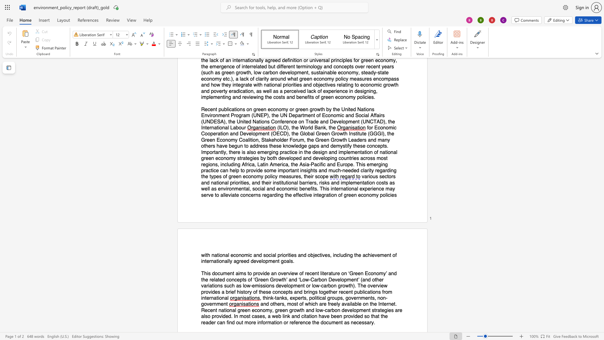 Image resolution: width=604 pixels, height=340 pixels. I want to click on the 3th character "e" in the text, so click(300, 195).